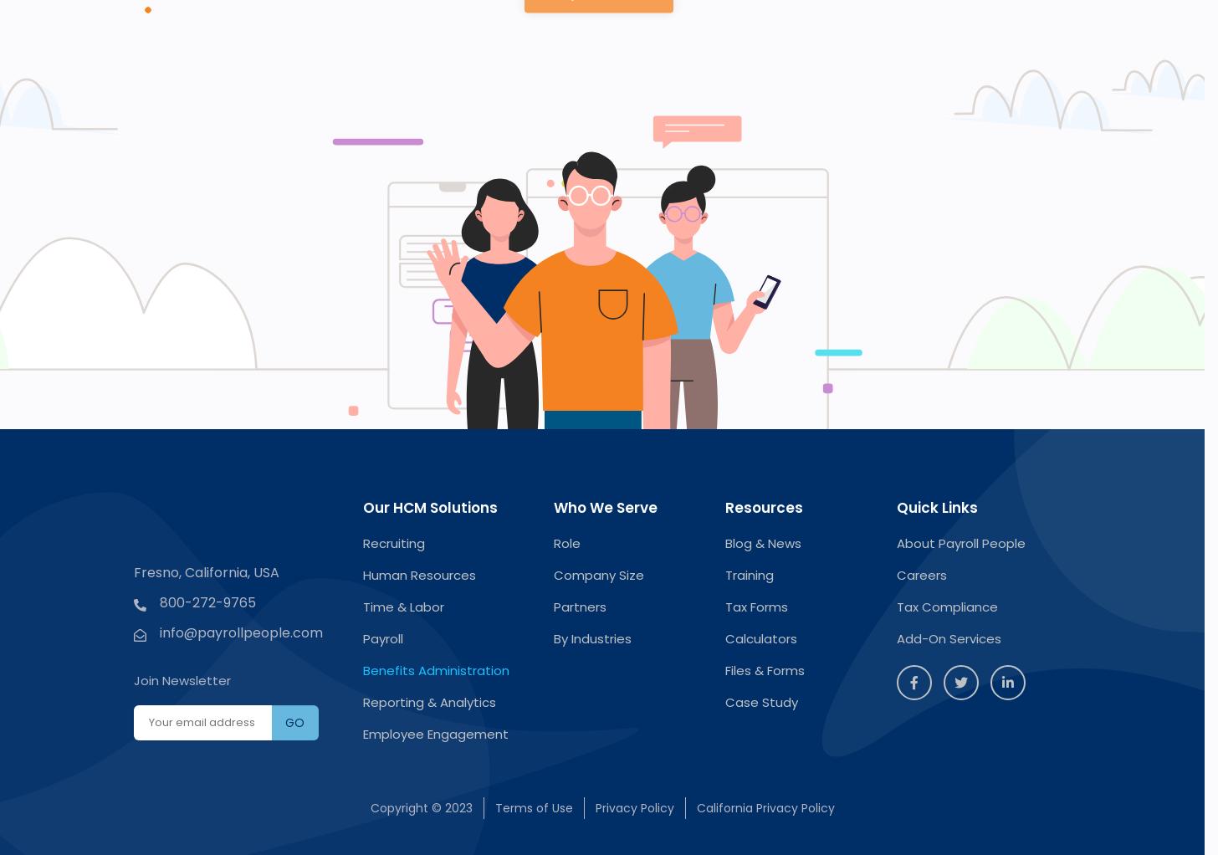 The image size is (1218, 855). Describe the element at coordinates (749, 574) in the screenshot. I see `'Training'` at that location.